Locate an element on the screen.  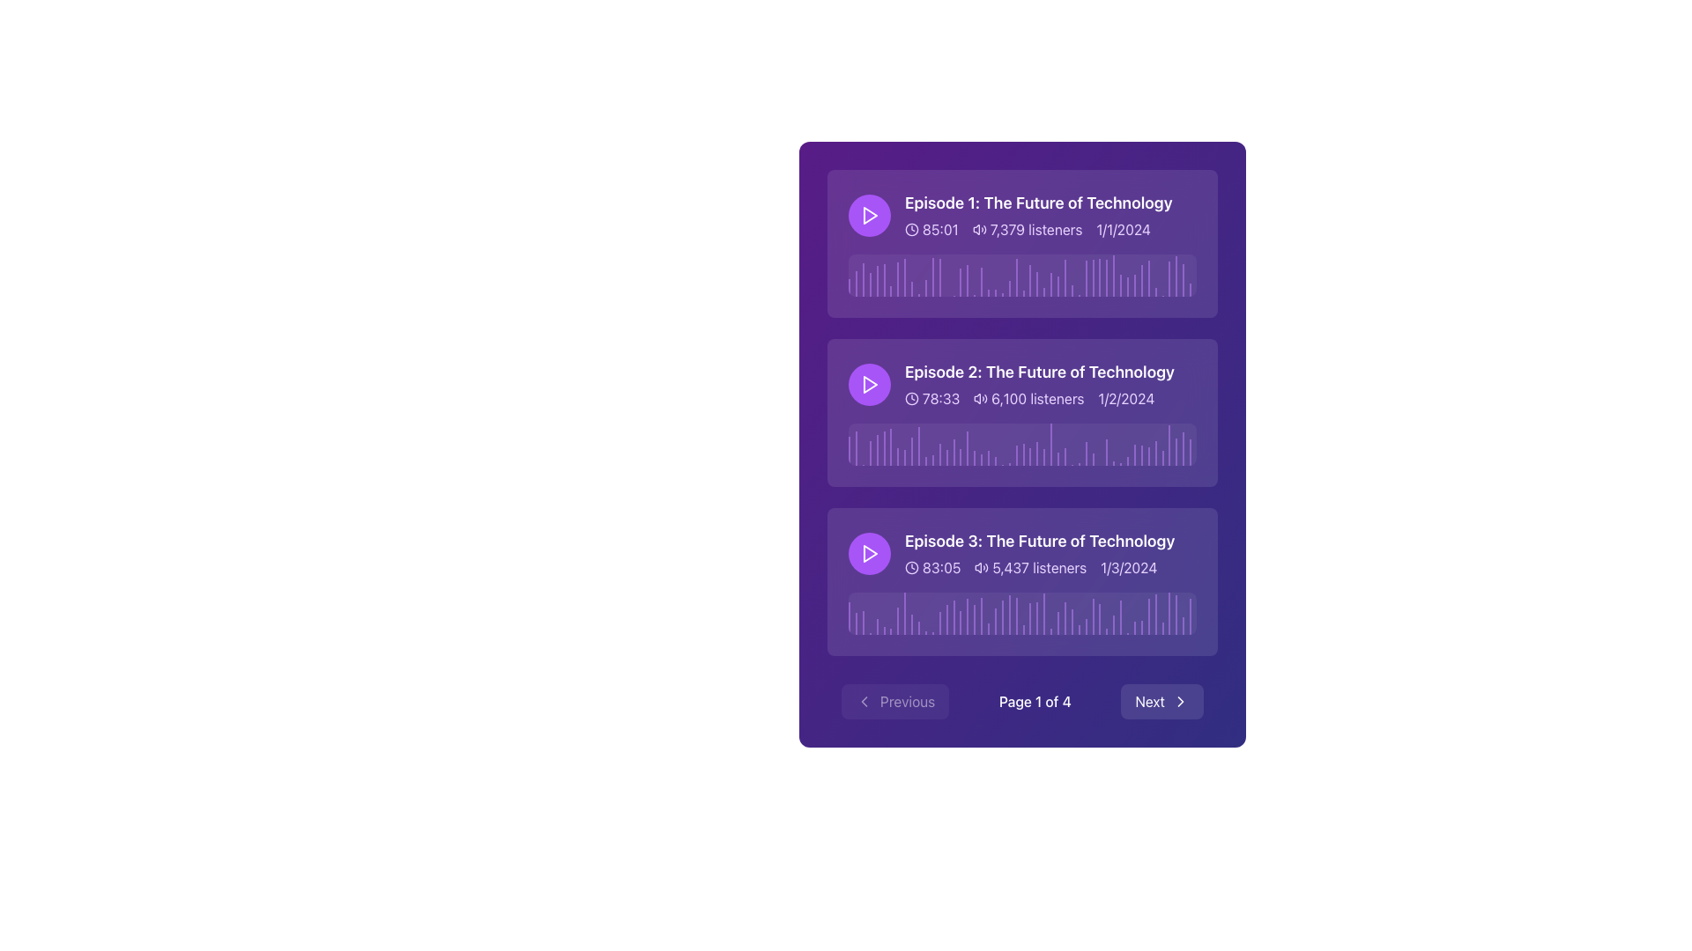
the small triangular 'play' icon with a red background and white border, located within a circular purple background is located at coordinates (871, 215).